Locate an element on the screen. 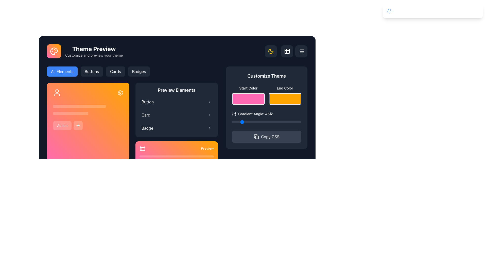 The image size is (487, 273). the second button labeled 'Buttons' located between 'All Elements' and 'Cards' in the horizontal group of navigation buttons at the top of the interface is located at coordinates (92, 71).